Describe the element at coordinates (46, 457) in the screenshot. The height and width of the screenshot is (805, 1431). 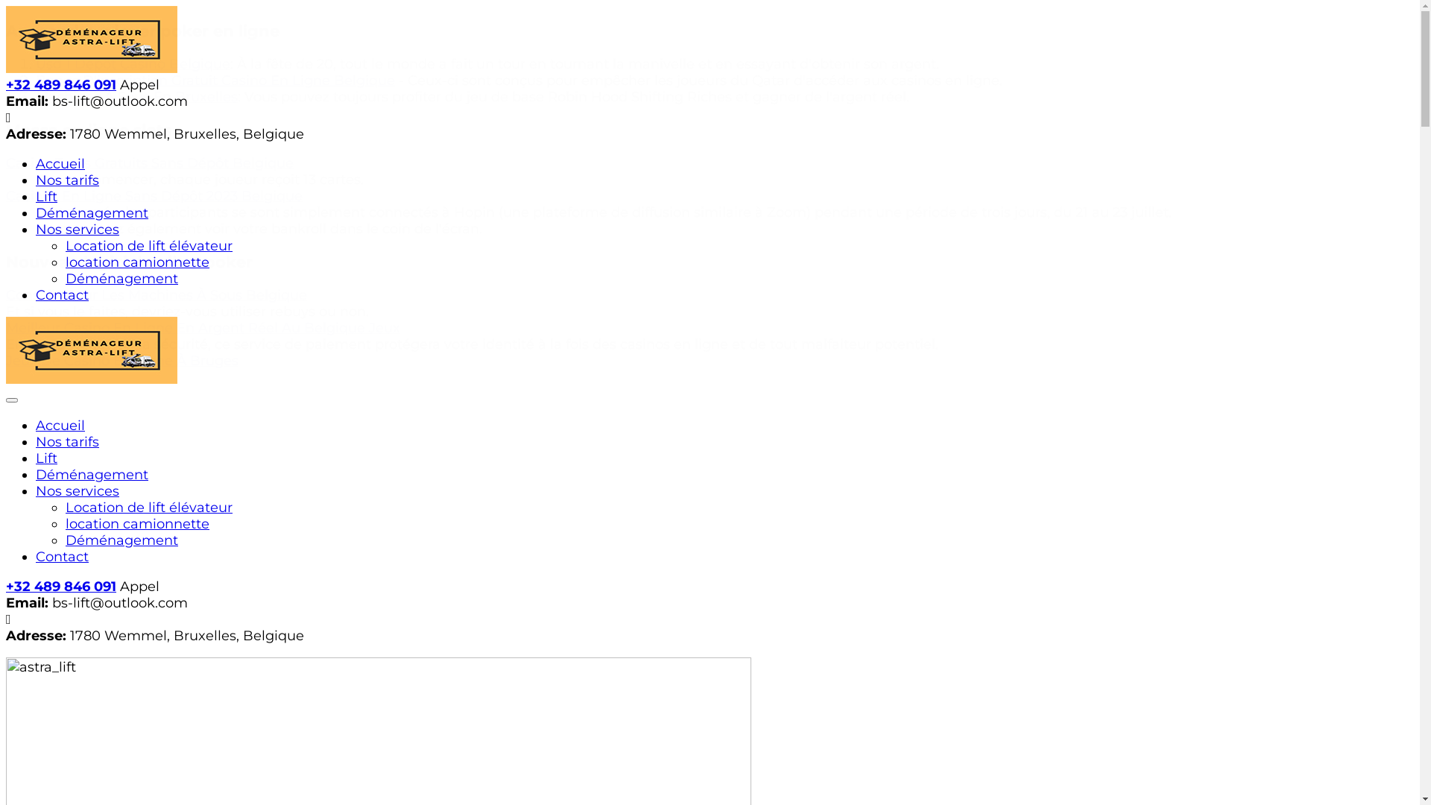
I see `'Lift'` at that location.